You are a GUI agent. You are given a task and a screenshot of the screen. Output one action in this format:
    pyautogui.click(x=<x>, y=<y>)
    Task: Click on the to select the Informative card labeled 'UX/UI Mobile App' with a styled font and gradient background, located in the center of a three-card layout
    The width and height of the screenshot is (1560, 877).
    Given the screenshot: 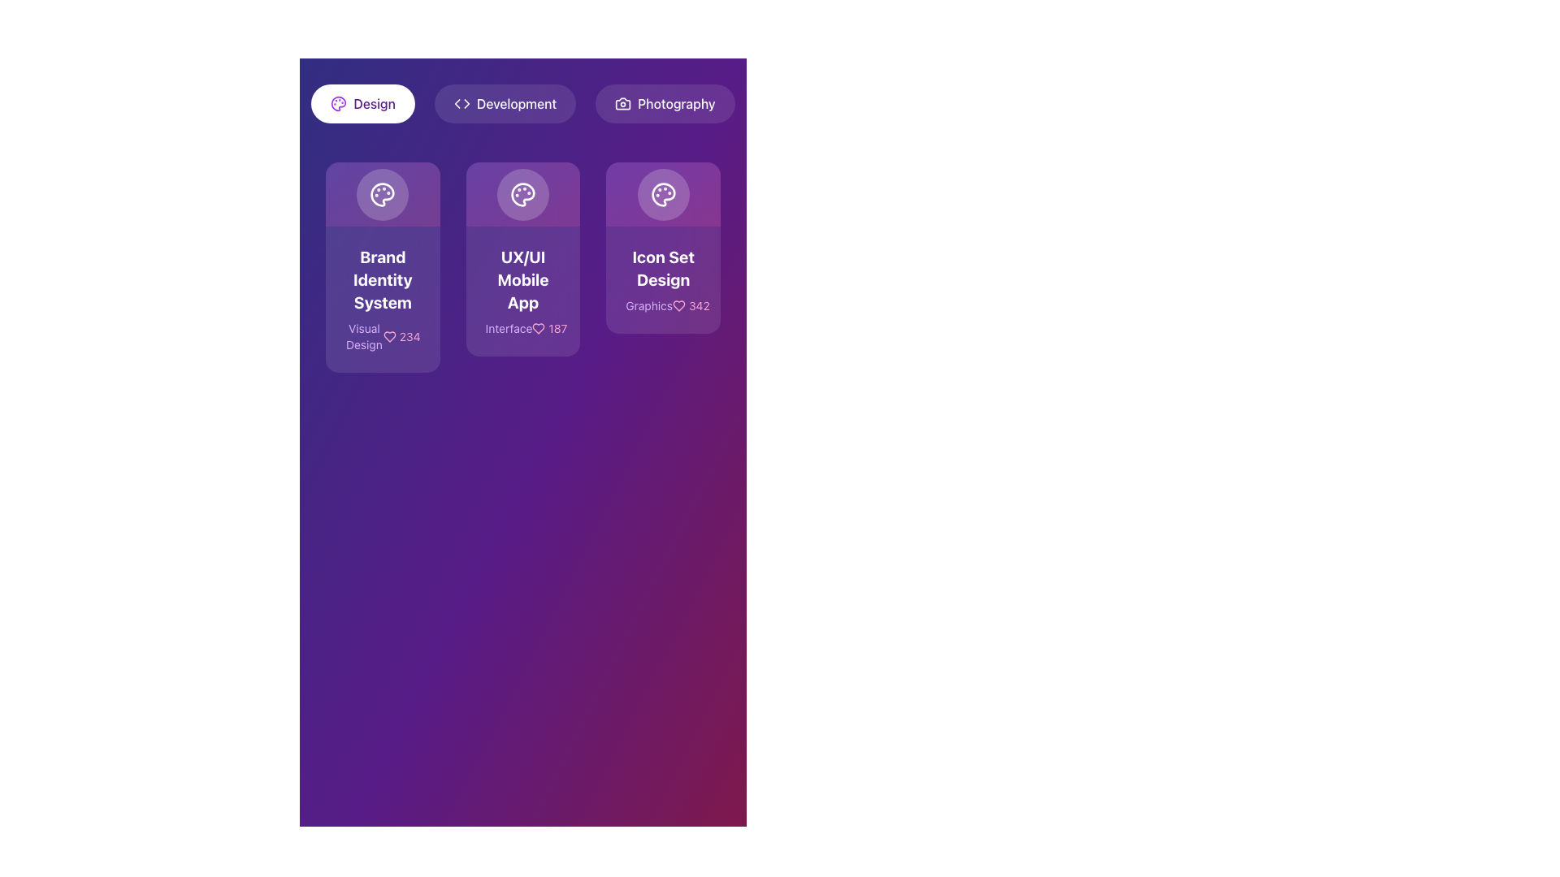 What is the action you would take?
    pyautogui.click(x=522, y=291)
    